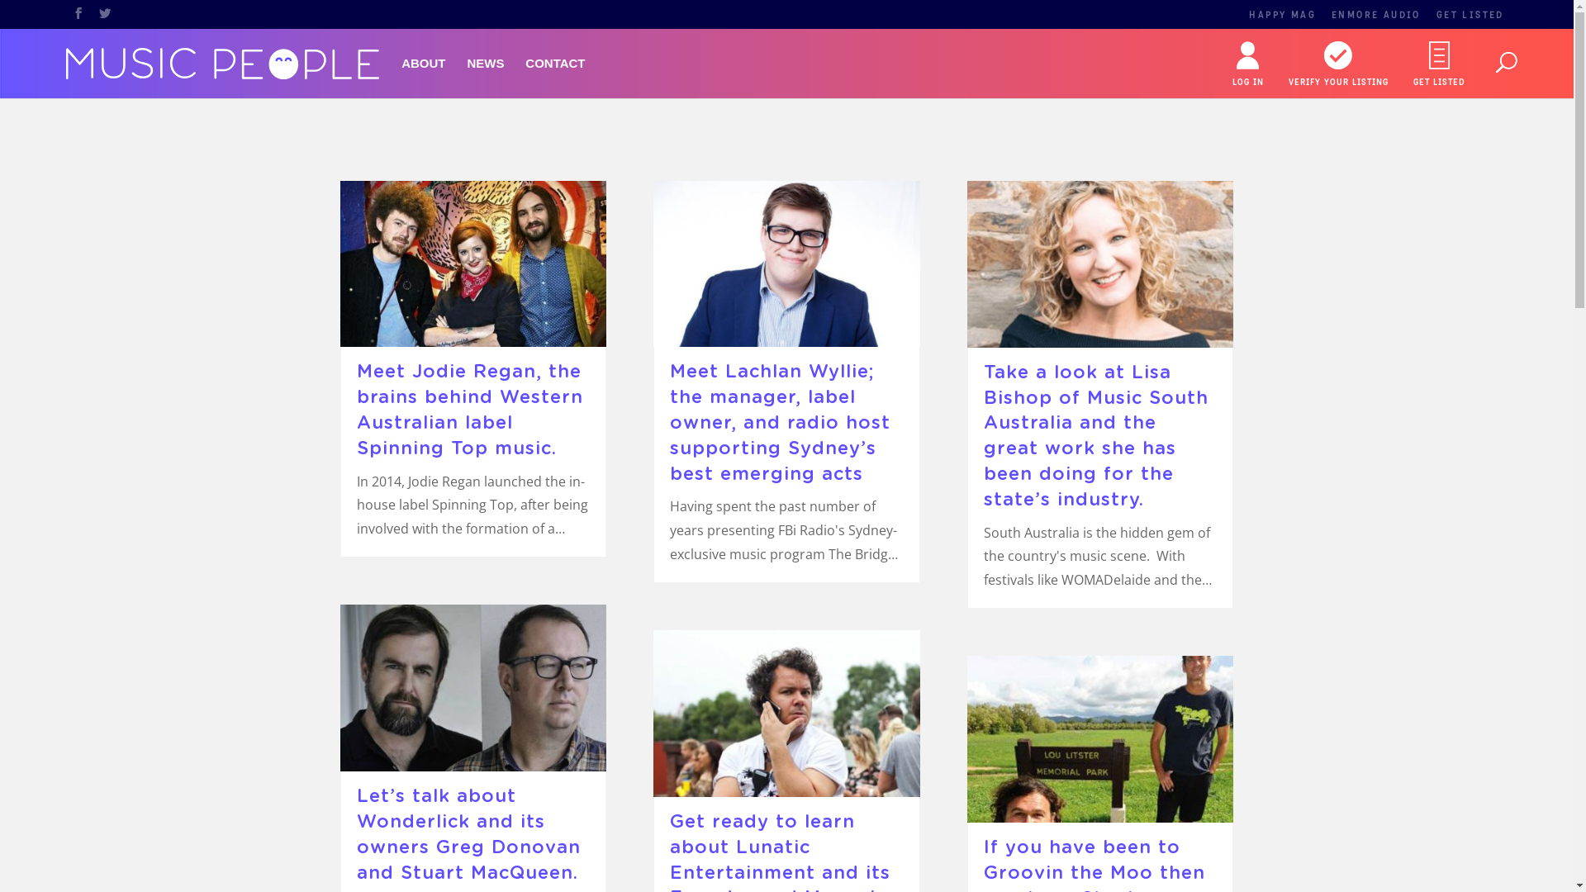 The image size is (1586, 892). Describe the element at coordinates (1470, 15) in the screenshot. I see `'GET LISTED'` at that location.